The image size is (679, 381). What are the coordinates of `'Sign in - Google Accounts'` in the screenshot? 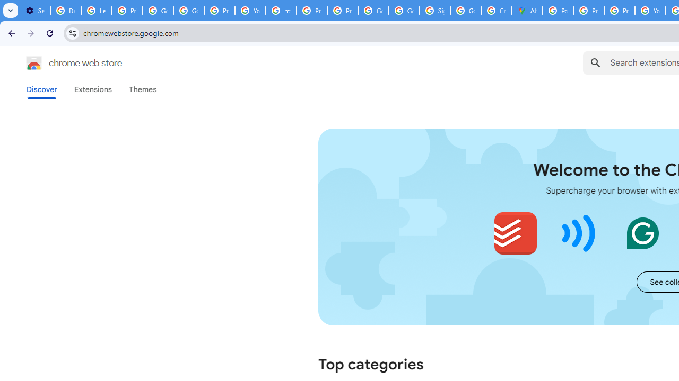 It's located at (434, 11).